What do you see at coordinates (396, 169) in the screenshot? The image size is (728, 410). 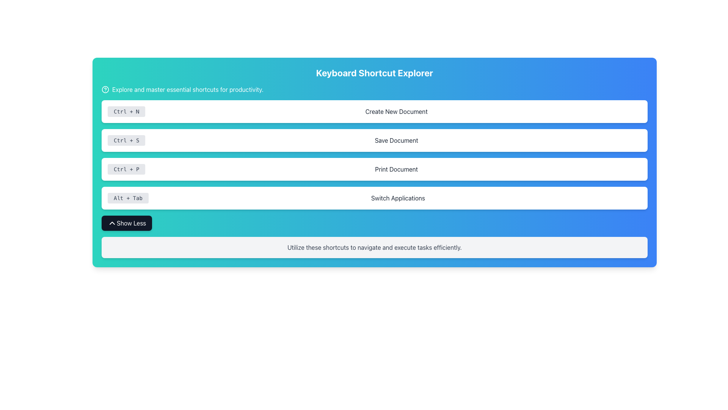 I see `the descriptive Text Label explaining the functionality tied to the shortcut 'Ctrl + P'` at bounding box center [396, 169].